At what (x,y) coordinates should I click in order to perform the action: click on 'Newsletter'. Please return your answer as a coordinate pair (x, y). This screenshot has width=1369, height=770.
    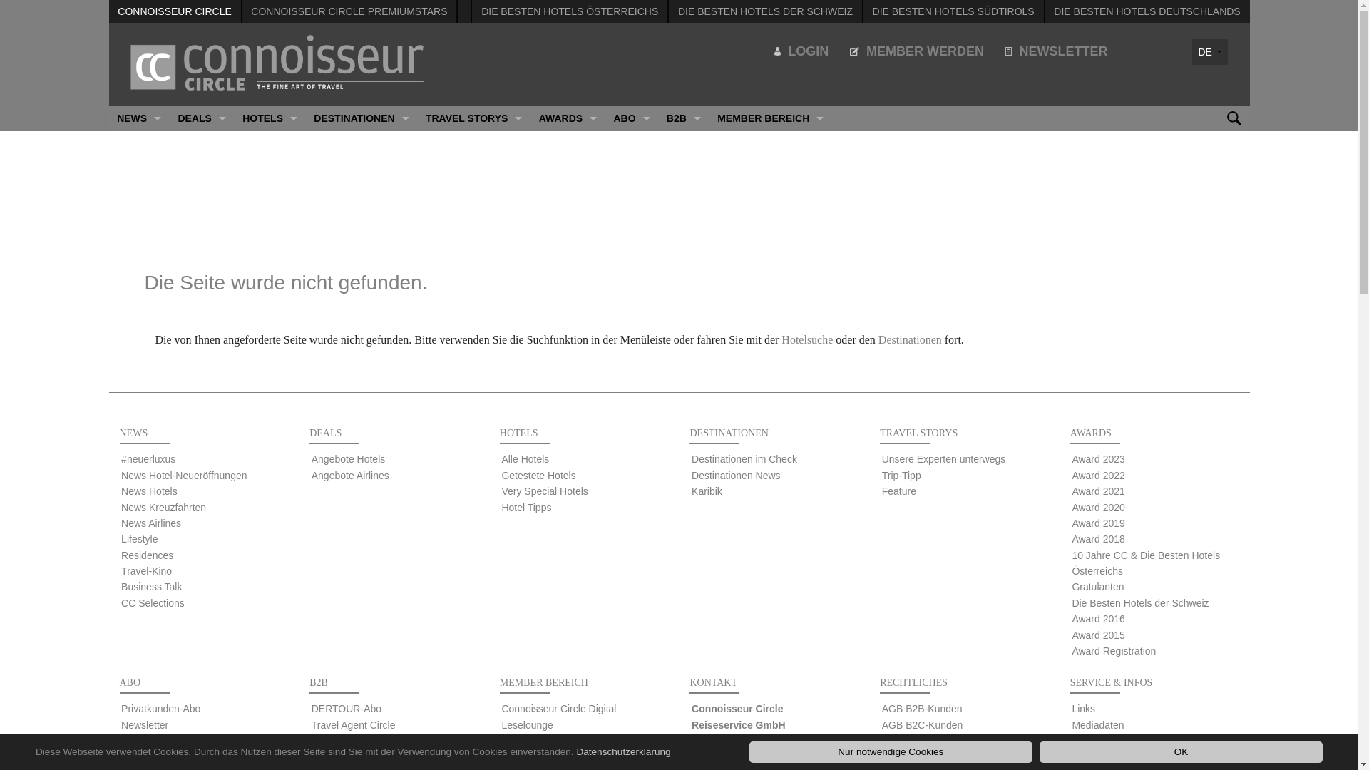
    Looking at the image, I should click on (144, 725).